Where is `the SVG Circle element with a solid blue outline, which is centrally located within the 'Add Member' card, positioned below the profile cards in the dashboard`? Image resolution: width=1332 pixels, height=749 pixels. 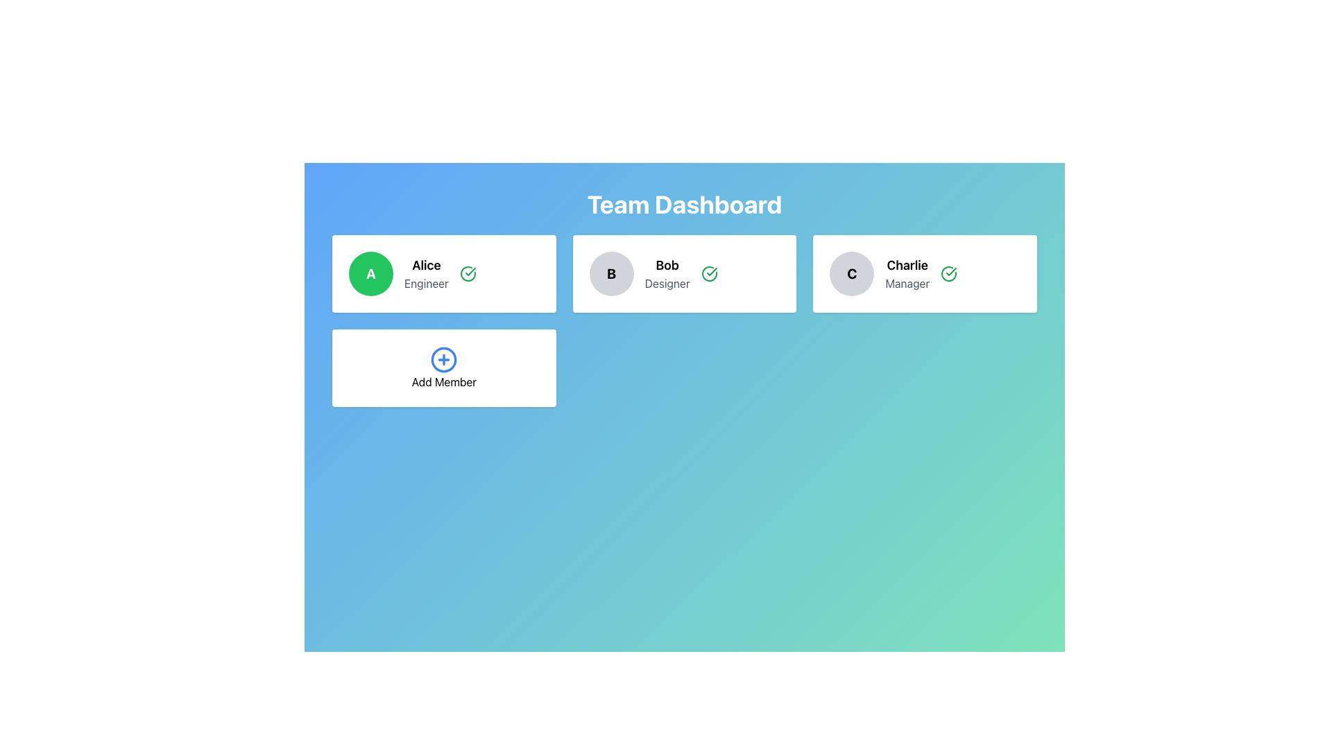
the SVG Circle element with a solid blue outline, which is centrally located within the 'Add Member' card, positioned below the profile cards in the dashboard is located at coordinates (444, 359).